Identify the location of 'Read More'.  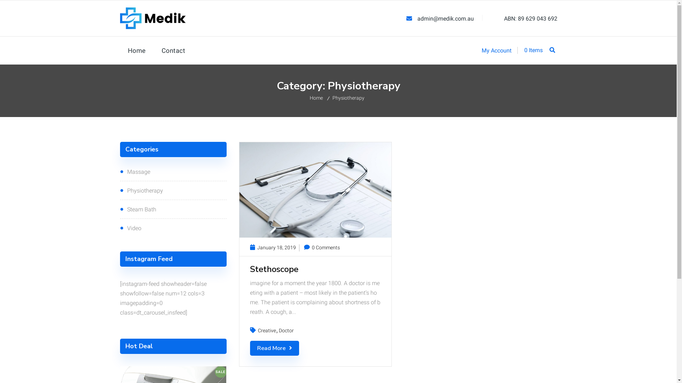
(250, 348).